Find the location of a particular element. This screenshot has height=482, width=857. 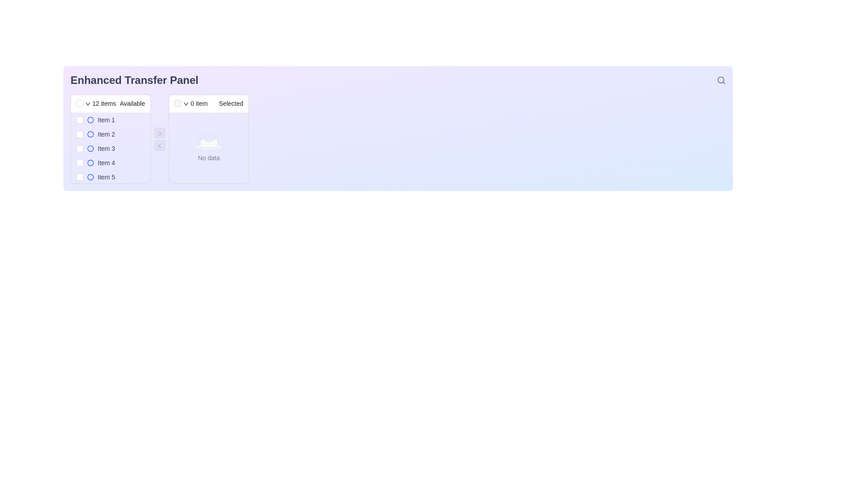

the text label displaying 'Available' located in the header of the left-side panel, positioned to the right of '12 items' is located at coordinates (131, 103).